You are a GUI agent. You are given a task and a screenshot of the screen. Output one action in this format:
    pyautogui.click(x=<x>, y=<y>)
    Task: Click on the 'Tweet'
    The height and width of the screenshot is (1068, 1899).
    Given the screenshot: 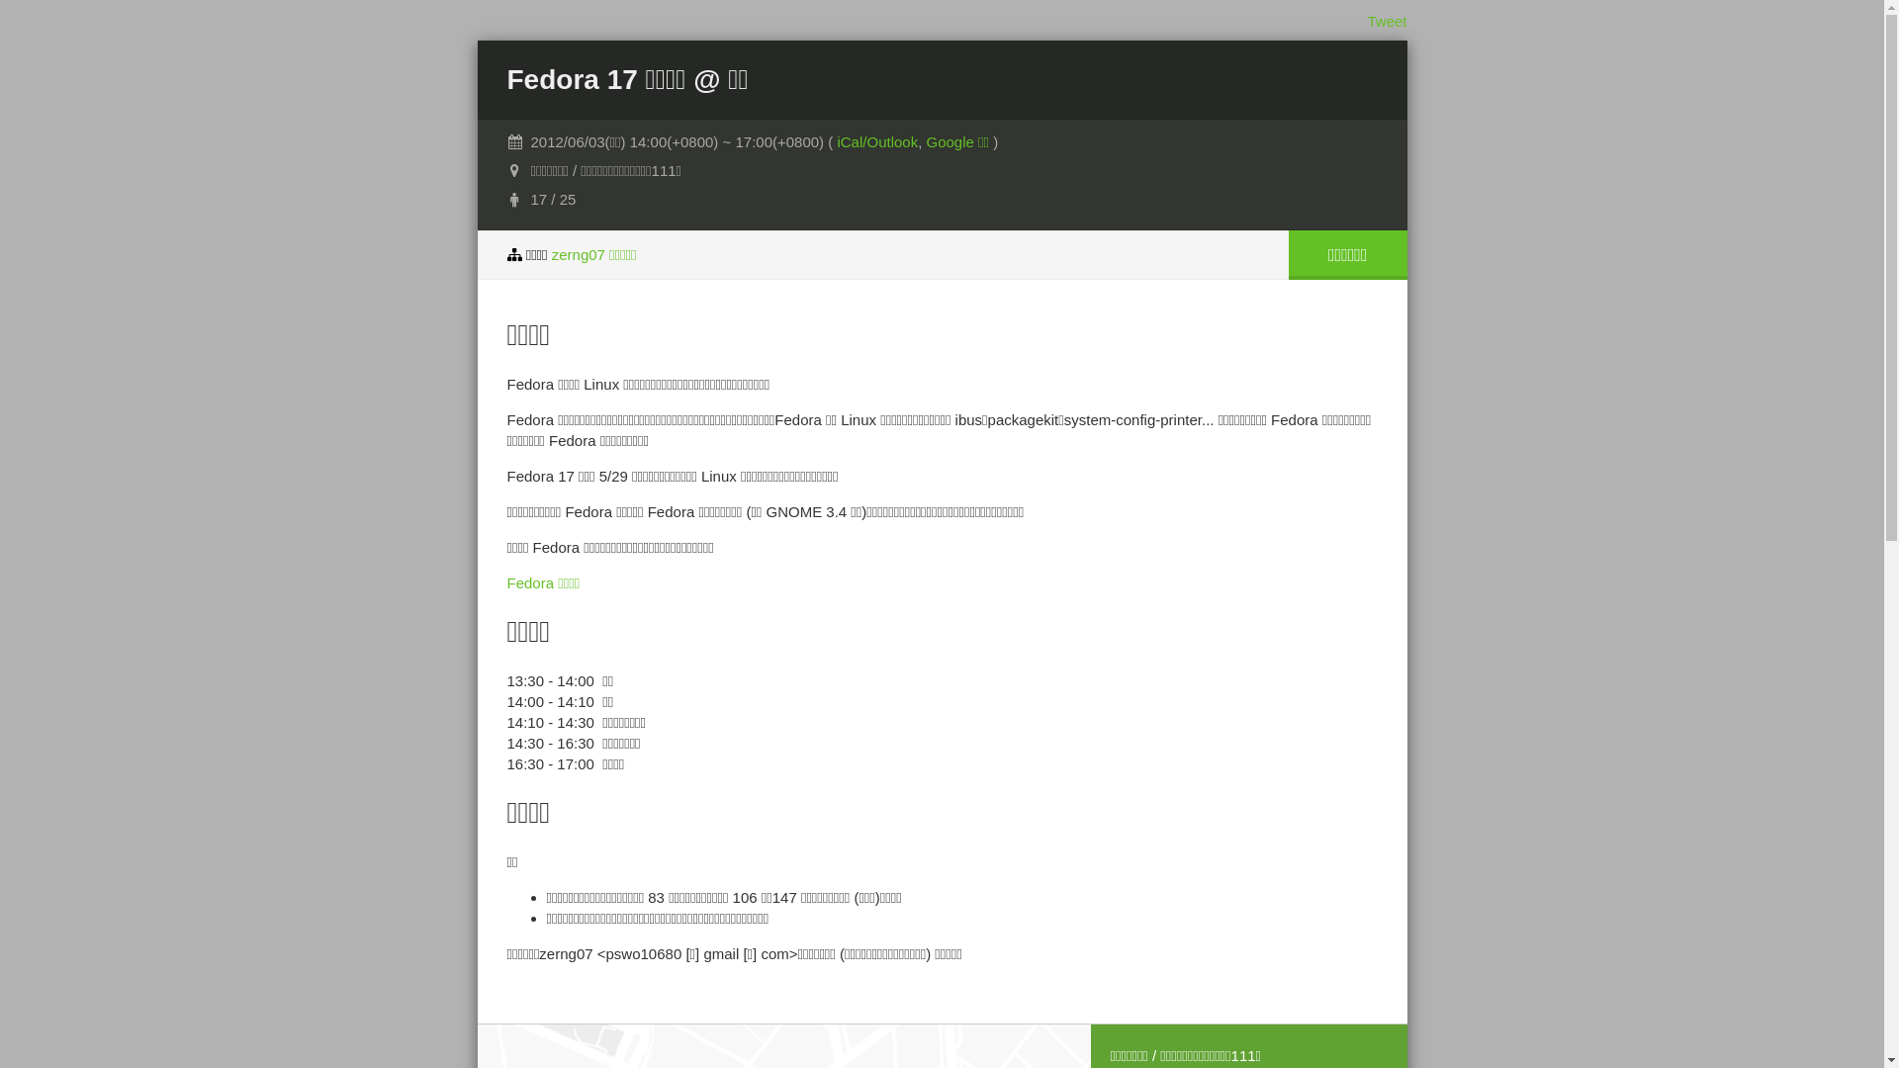 What is the action you would take?
    pyautogui.click(x=1385, y=21)
    